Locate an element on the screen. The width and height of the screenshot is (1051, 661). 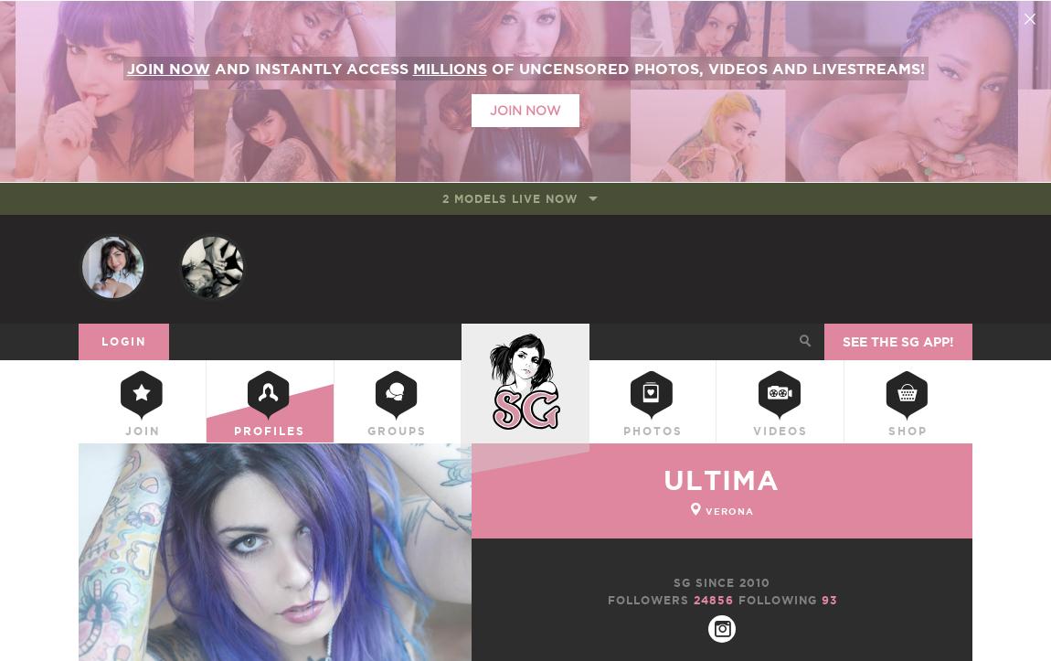
'Join now' is located at coordinates (166, 67).